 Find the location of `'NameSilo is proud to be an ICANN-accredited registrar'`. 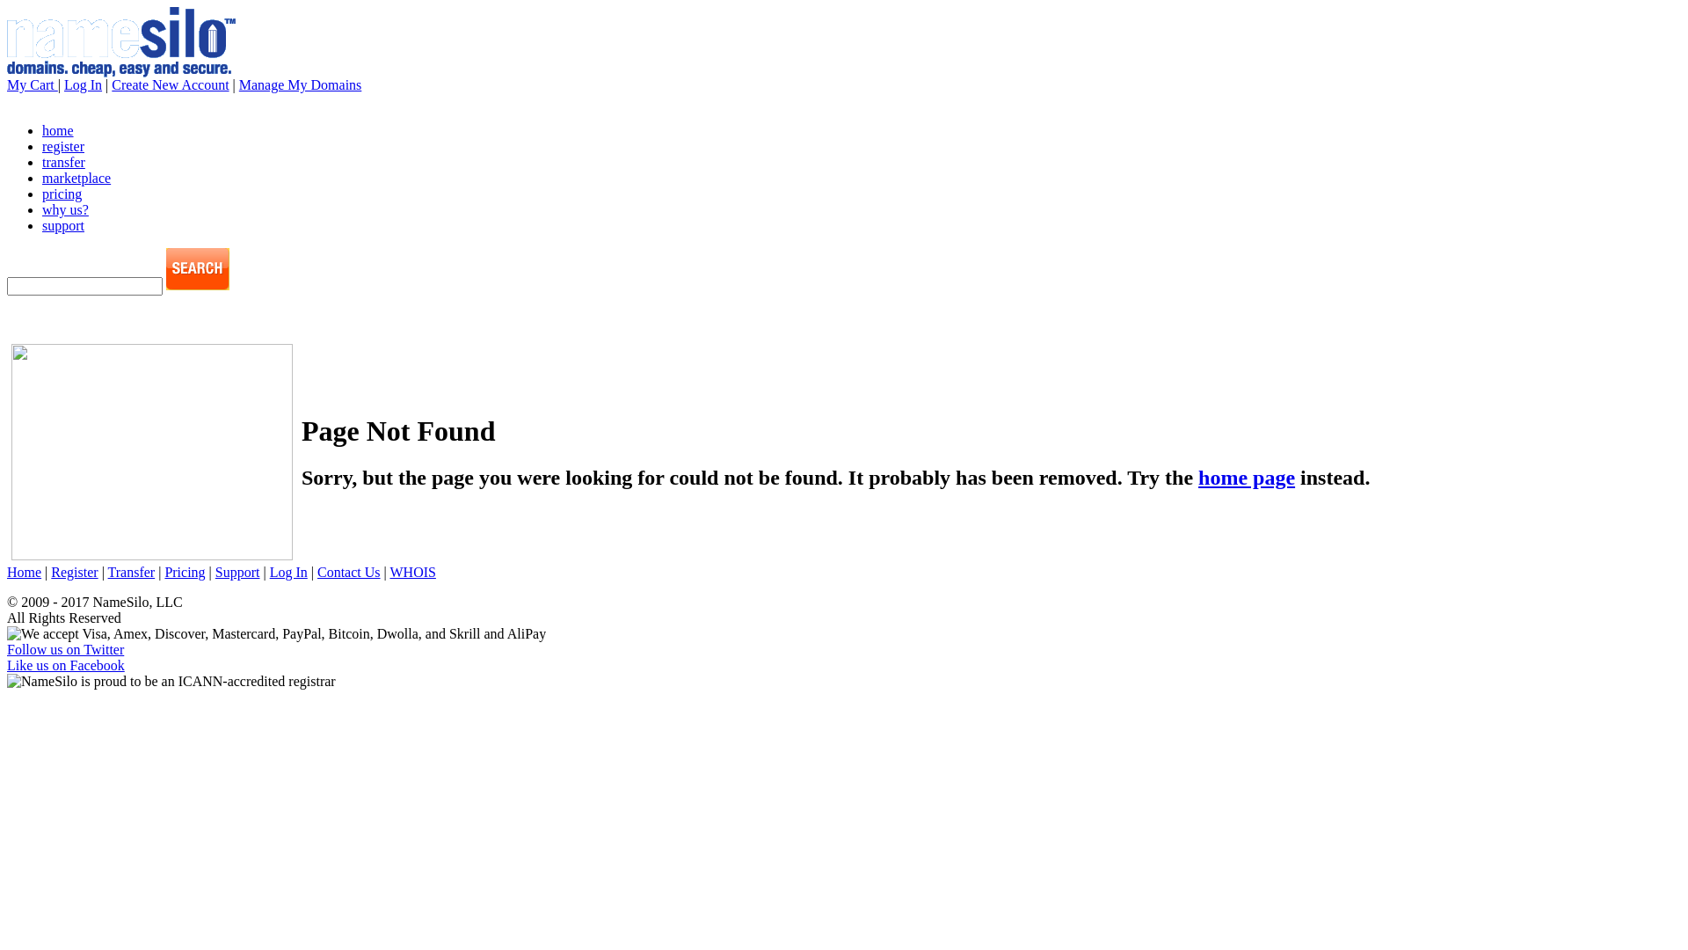

'NameSilo is proud to be an ICANN-accredited registrar' is located at coordinates (171, 681).